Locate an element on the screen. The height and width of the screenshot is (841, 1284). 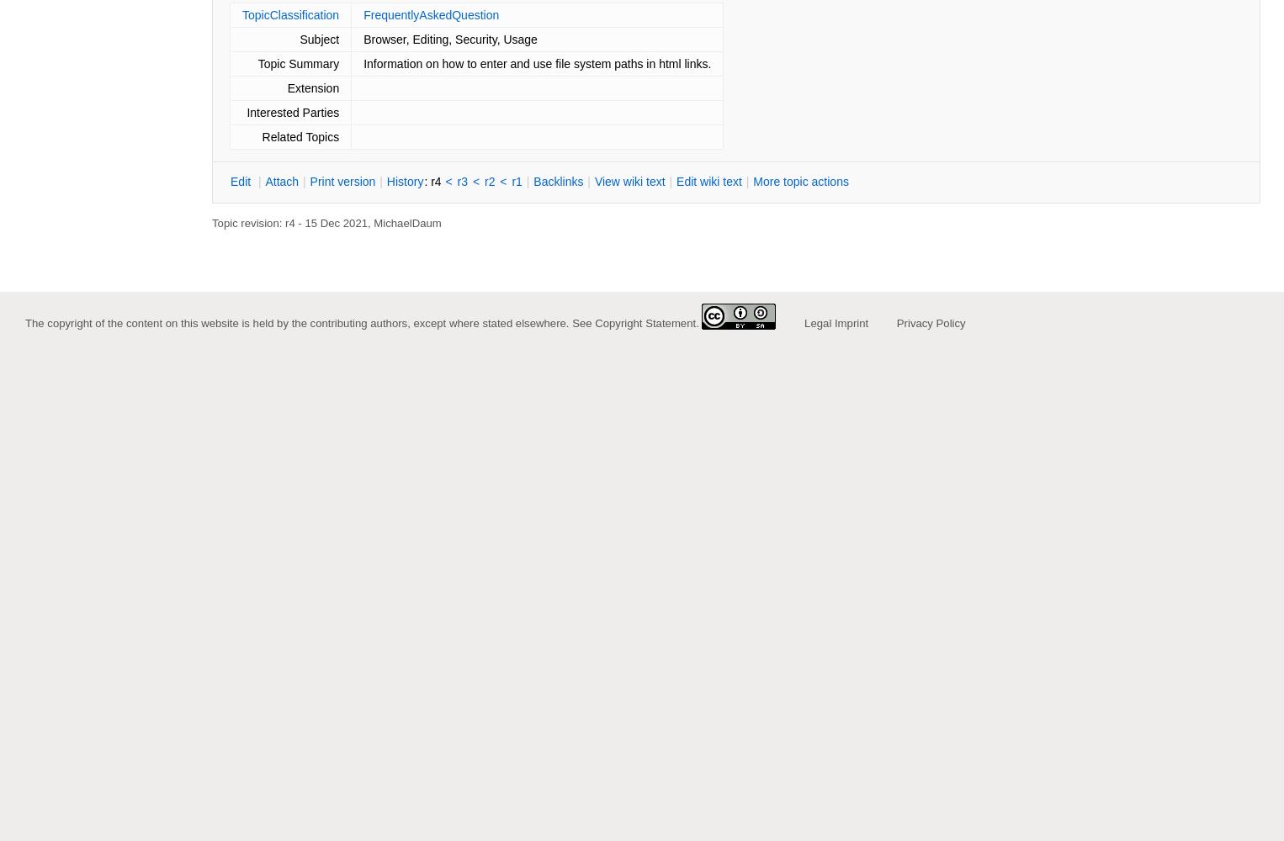
'w' is located at coordinates (704, 181).